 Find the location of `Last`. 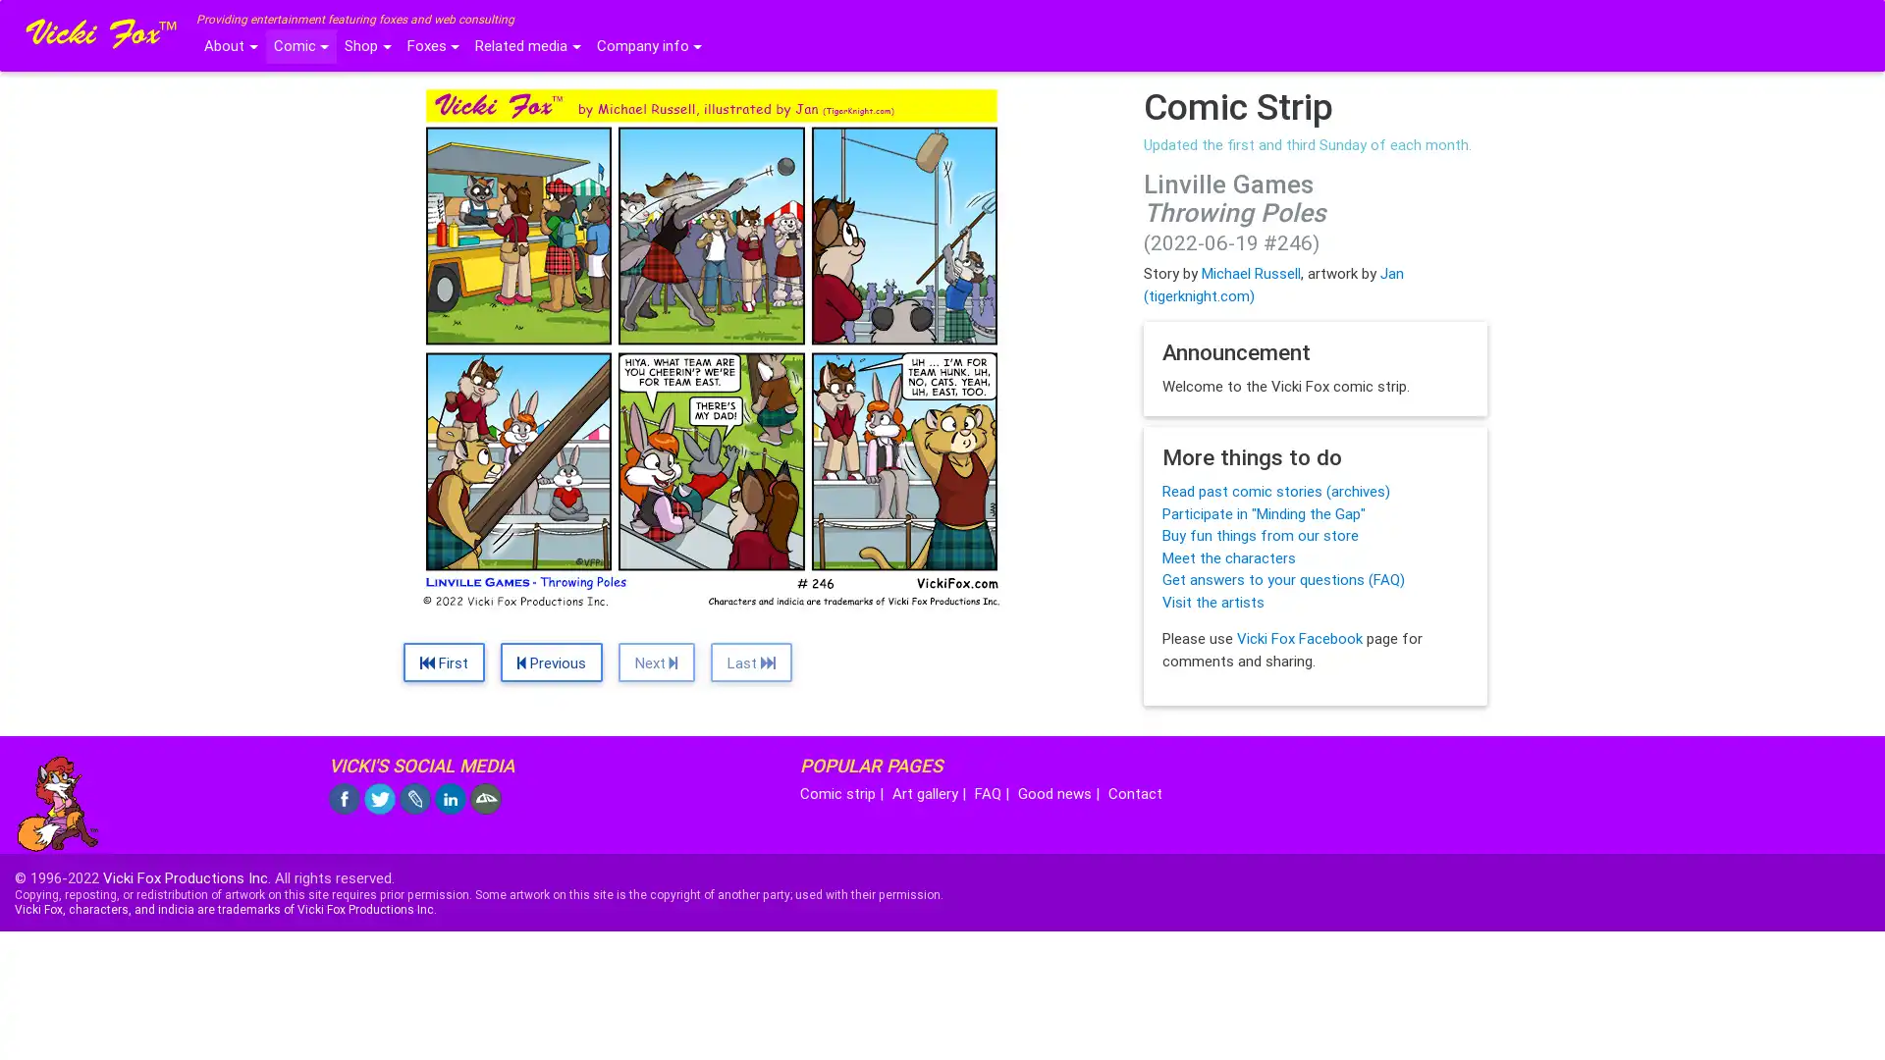

Last is located at coordinates (750, 662).